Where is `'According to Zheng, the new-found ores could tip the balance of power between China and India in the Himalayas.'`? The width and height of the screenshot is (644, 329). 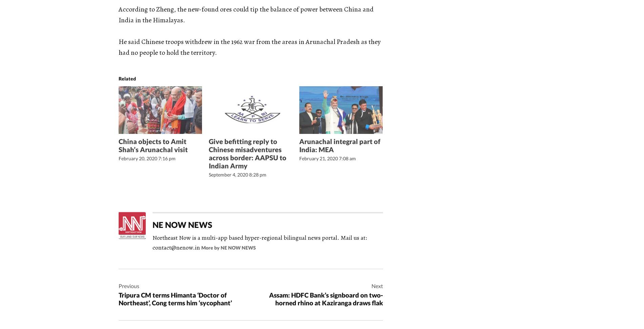 'According to Zheng, the new-found ores could tip the balance of power between China and India in the Himalayas.' is located at coordinates (245, 15).